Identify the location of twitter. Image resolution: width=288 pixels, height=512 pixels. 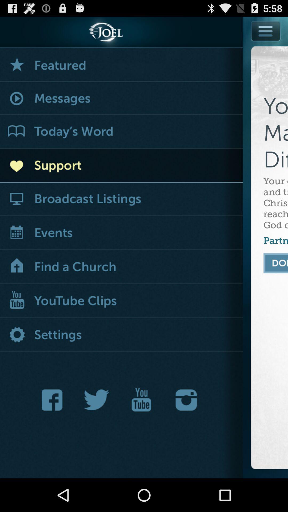
(97, 400).